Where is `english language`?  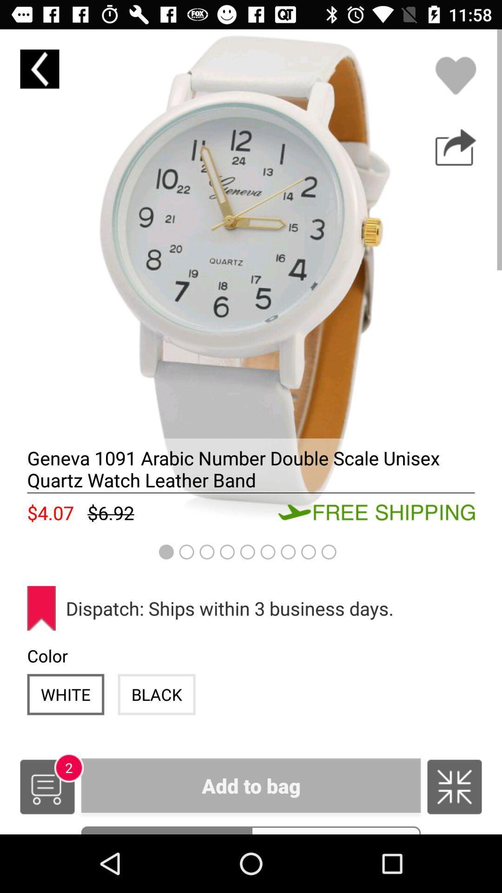 english language is located at coordinates (454, 786).